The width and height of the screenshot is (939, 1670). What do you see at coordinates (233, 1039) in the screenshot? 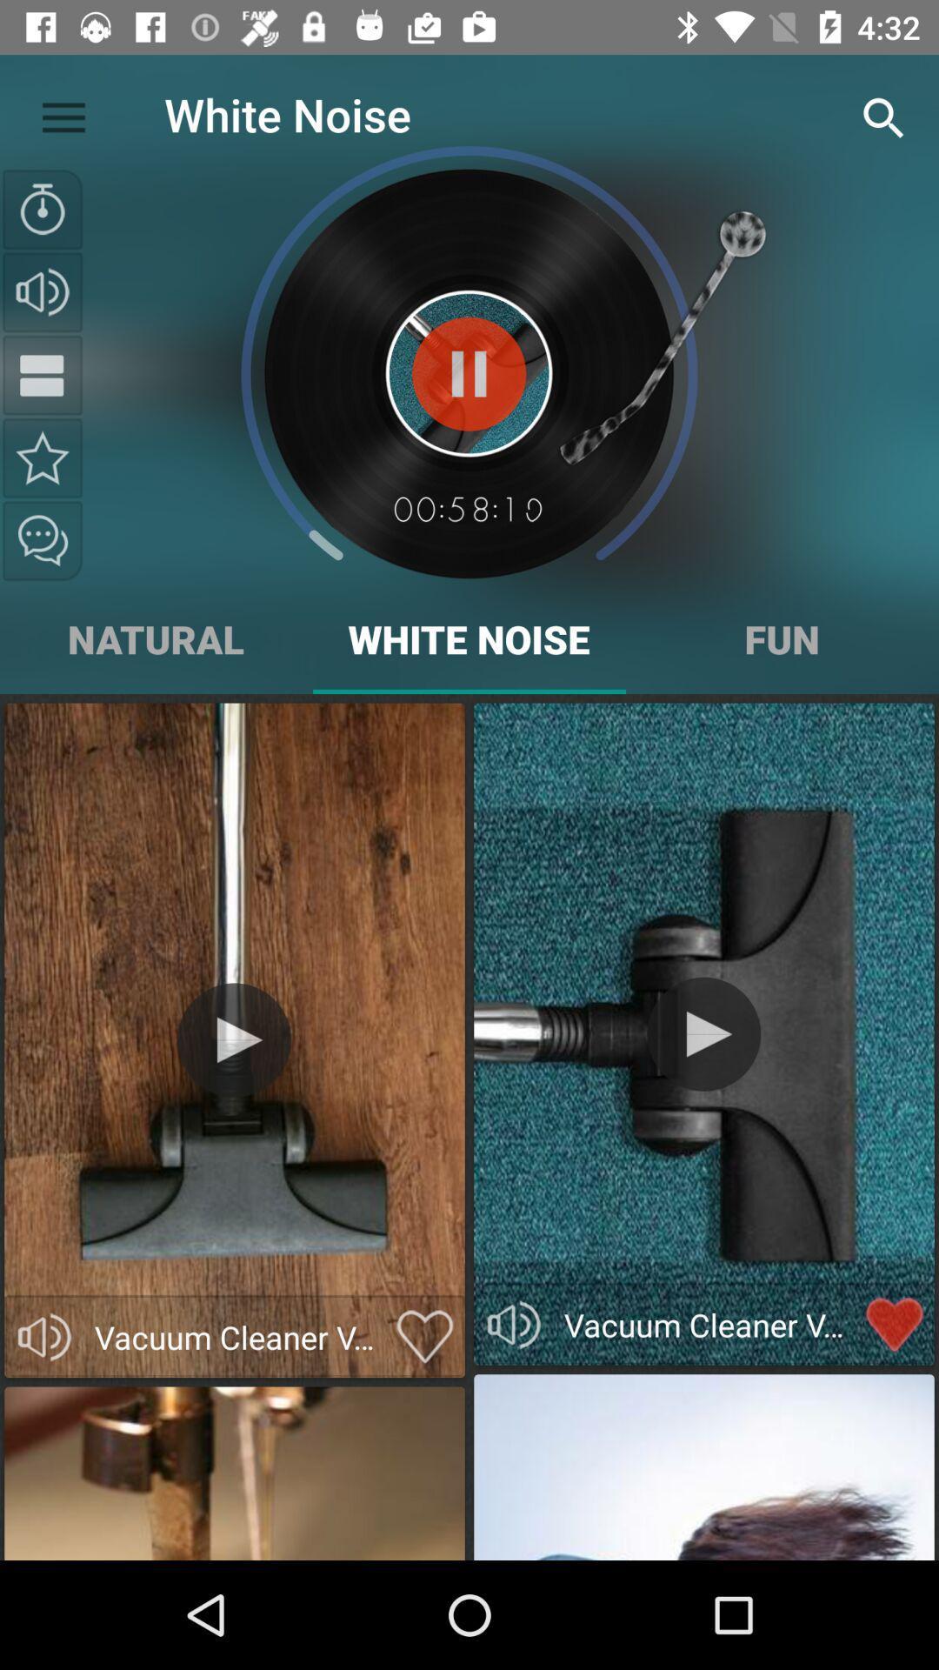
I see `video` at bounding box center [233, 1039].